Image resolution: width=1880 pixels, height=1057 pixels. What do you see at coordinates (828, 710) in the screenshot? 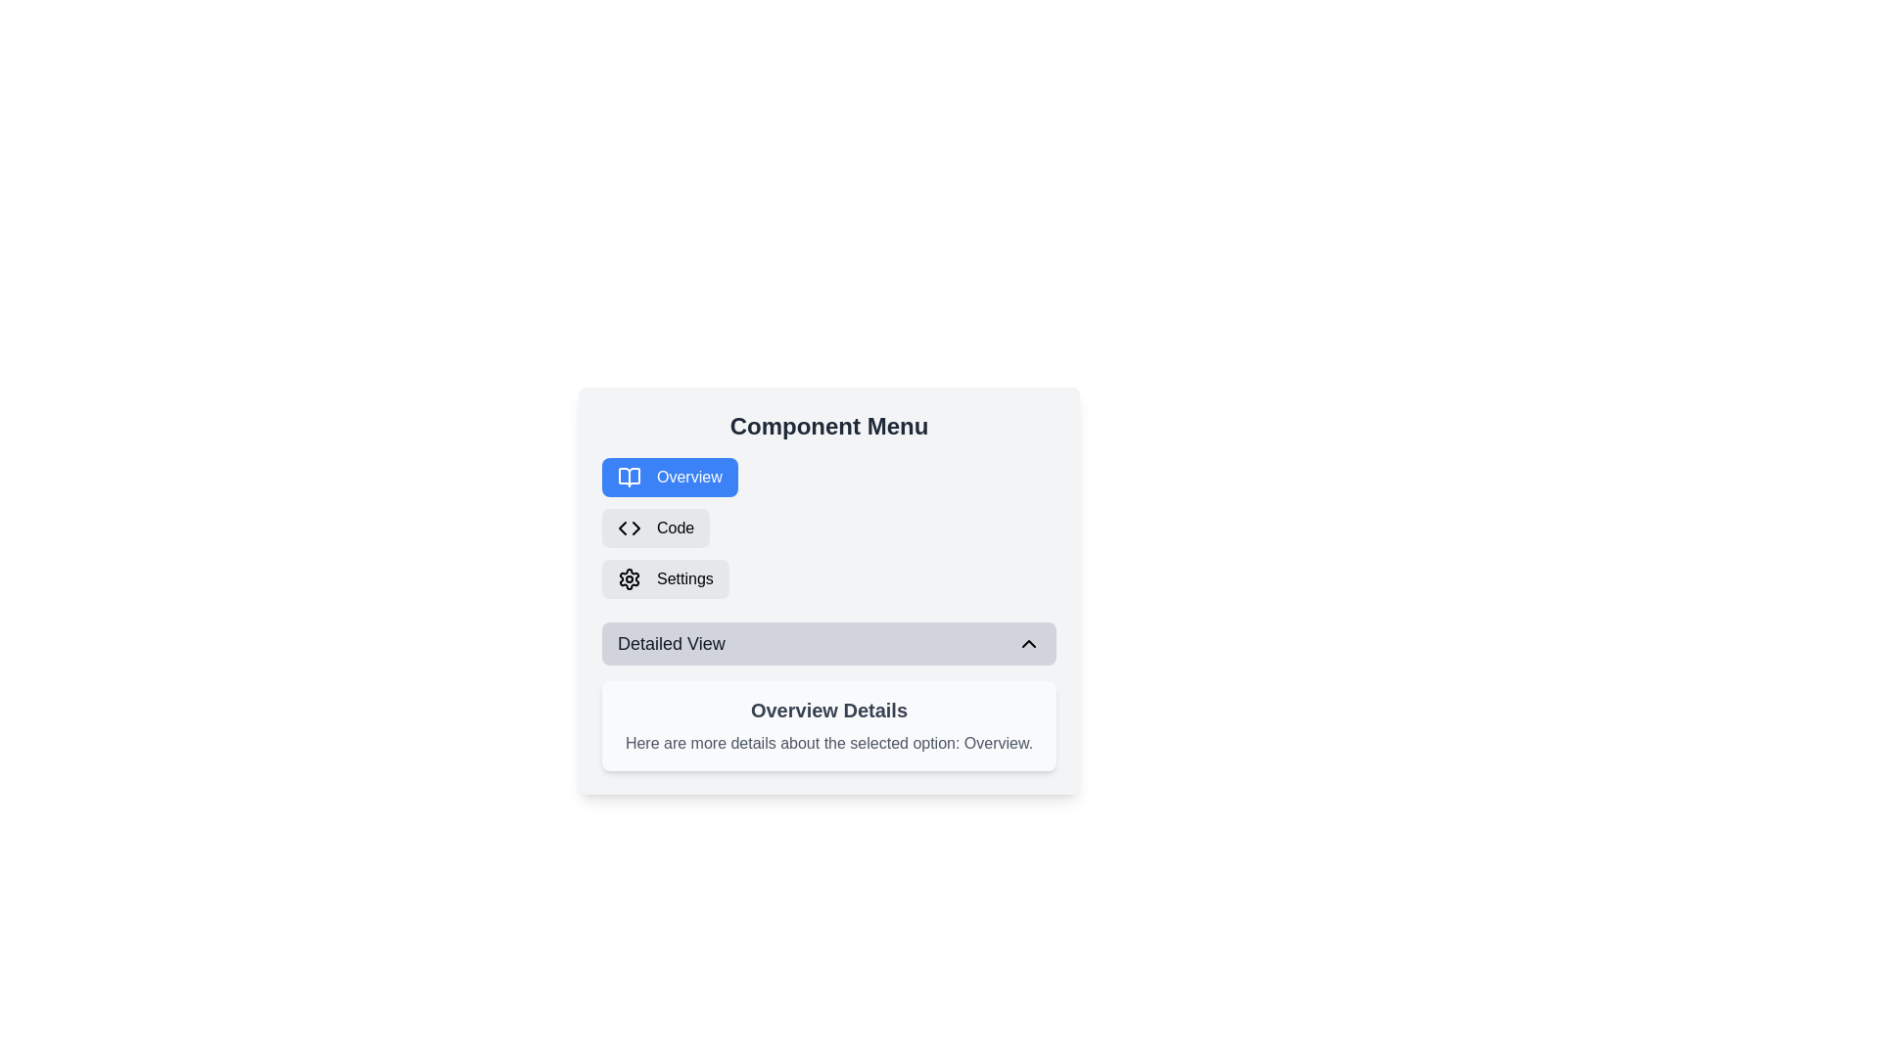
I see `the text label that serves as the header for detailed information in the 'Detailed View' section of the interface` at bounding box center [828, 710].